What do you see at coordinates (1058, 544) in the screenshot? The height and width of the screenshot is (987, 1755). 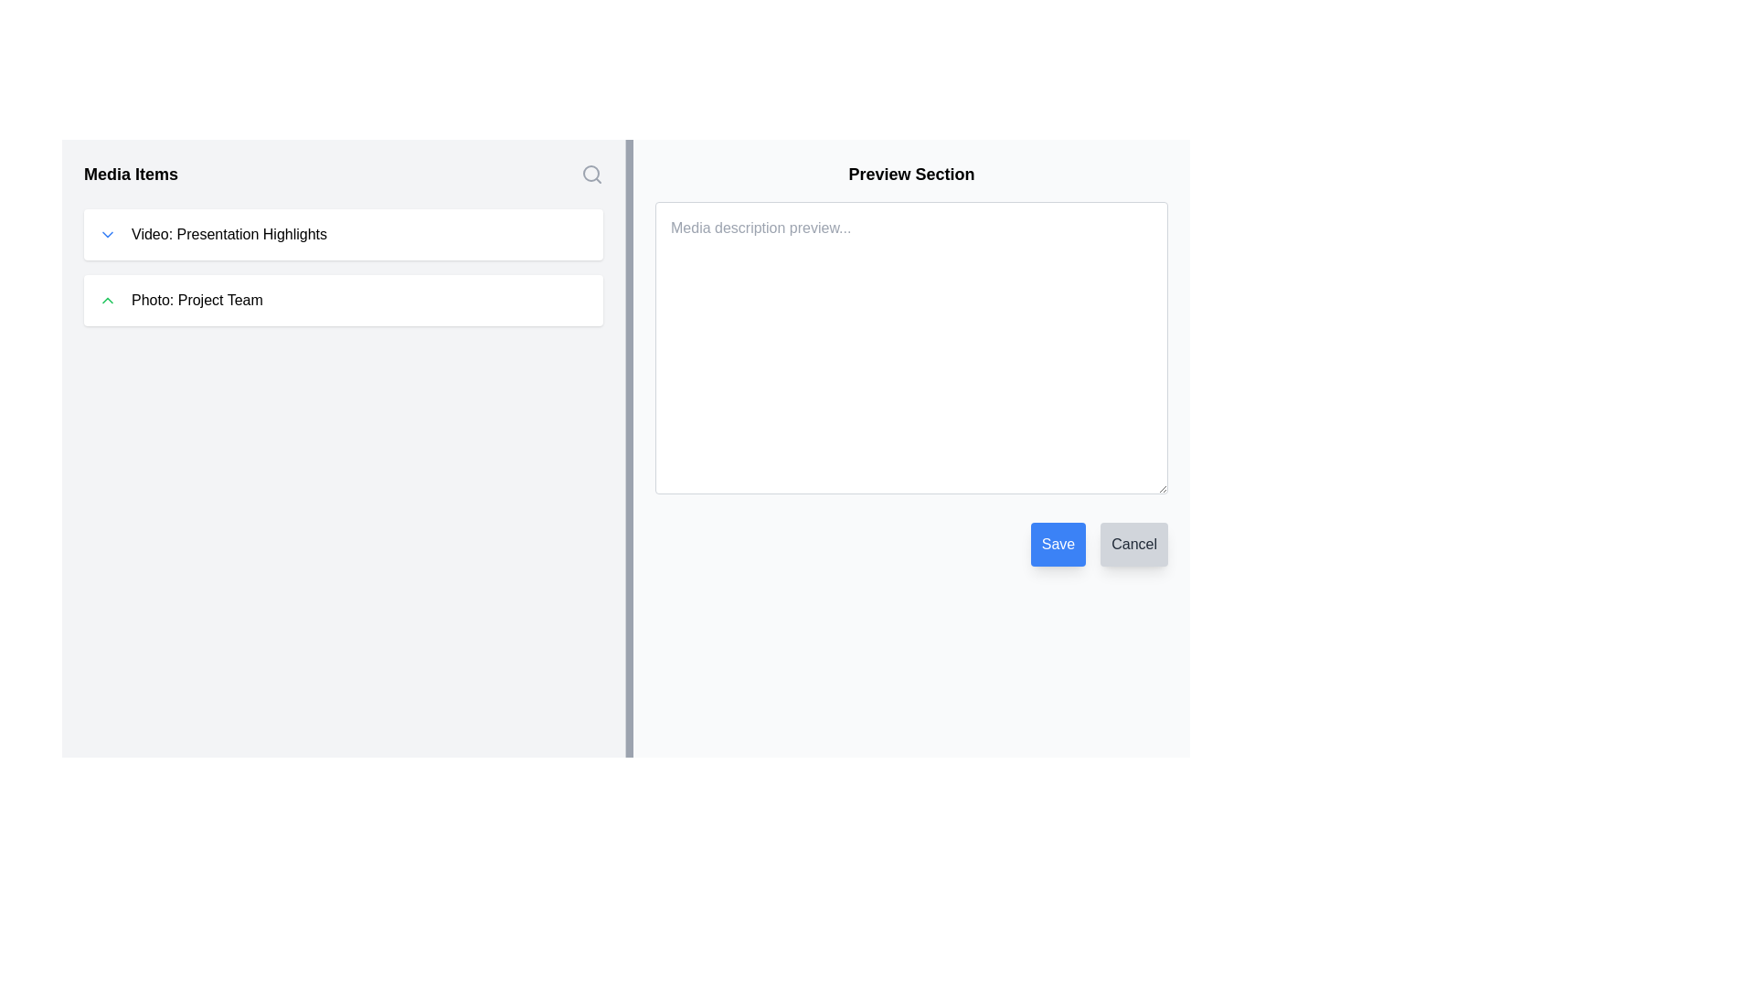 I see `the 'Save' button, which is a rectangular button with a blue background and white text, located in the bottom-right area of the 'Preview Section'` at bounding box center [1058, 544].